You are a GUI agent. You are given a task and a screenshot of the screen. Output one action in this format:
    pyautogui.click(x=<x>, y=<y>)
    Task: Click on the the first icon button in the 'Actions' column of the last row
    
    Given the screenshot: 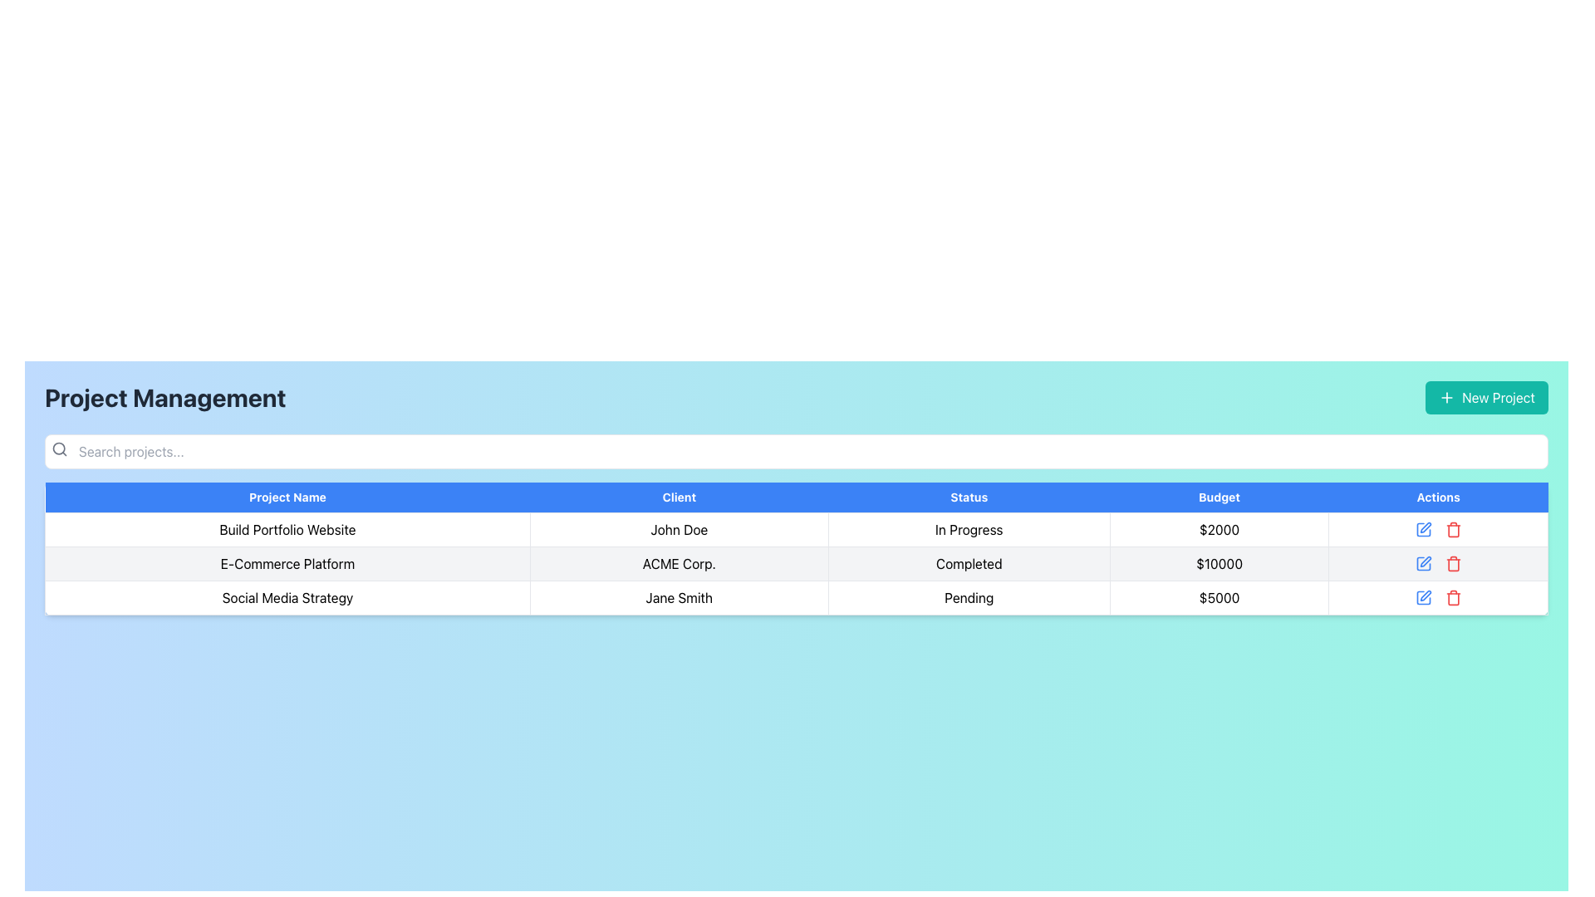 What is the action you would take?
    pyautogui.click(x=1422, y=598)
    